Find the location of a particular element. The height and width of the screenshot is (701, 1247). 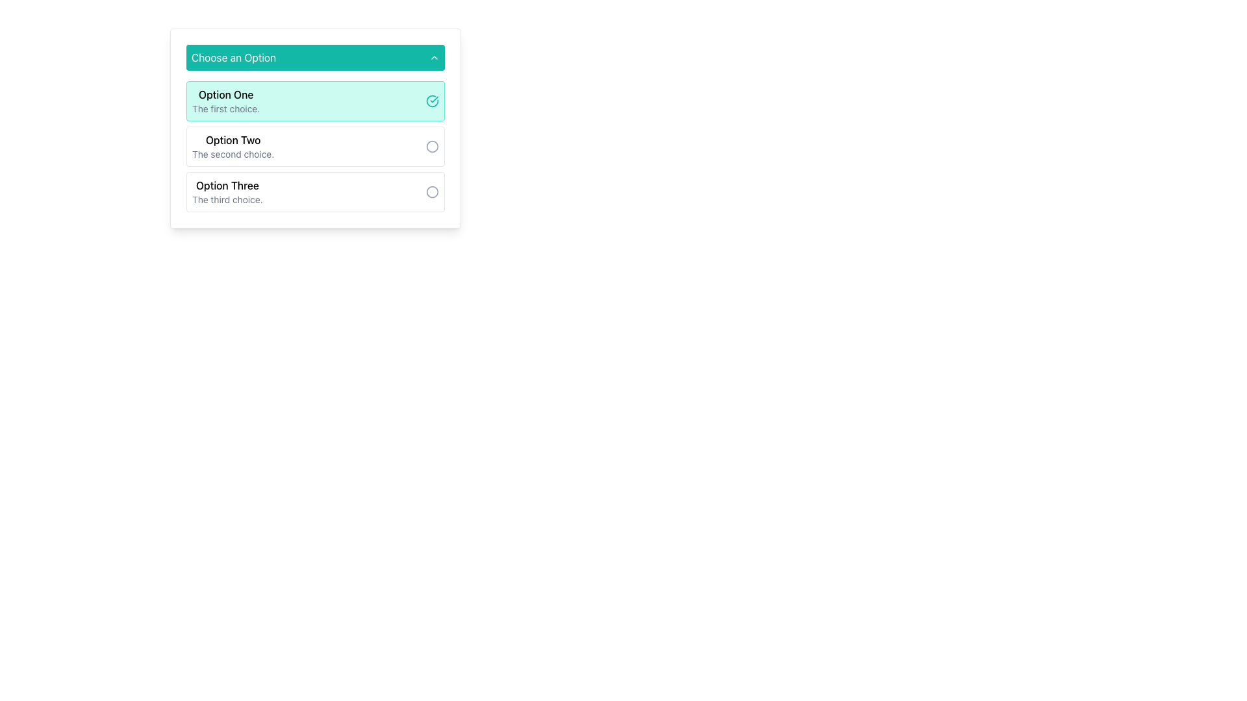

the text element that displays 'The third choice.' which is located beneath 'Option Three' in a dropdown option is located at coordinates (227, 200).